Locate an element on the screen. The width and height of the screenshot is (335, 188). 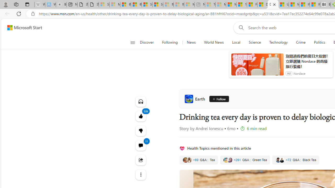
'News' is located at coordinates (191, 42).